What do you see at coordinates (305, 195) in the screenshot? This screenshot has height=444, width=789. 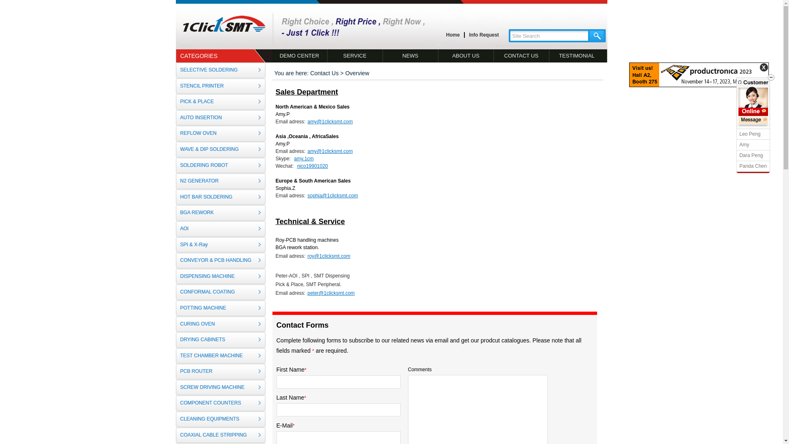 I see `'sophia@1clicksmt.com'` at bounding box center [305, 195].